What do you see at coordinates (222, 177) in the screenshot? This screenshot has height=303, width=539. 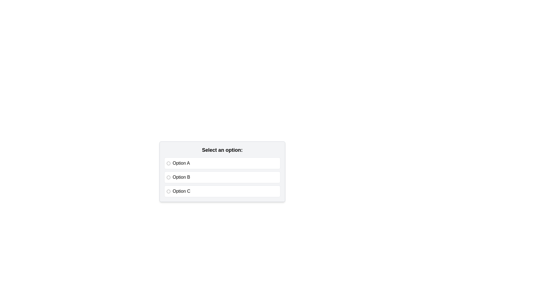 I see `the 'Option B' radio button element located in the center of the vertically stacked list of options to navigate through keyboard` at bounding box center [222, 177].